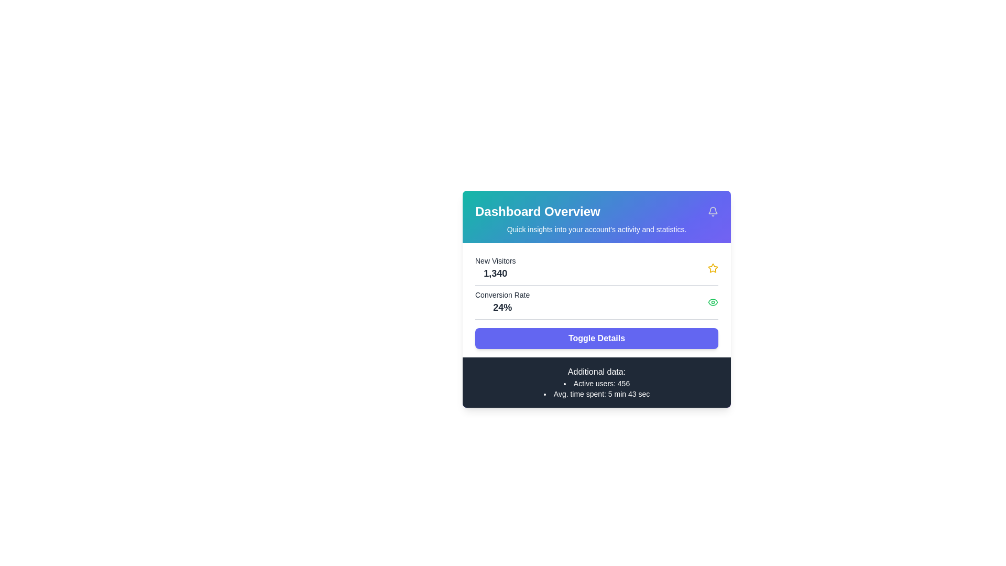  I want to click on the text content of the subheading label that introduces the active user details and average time spent, located directly above the text 'Active users: 456' and 'Avg. time spent: 5 min 43 sec', so click(596, 371).